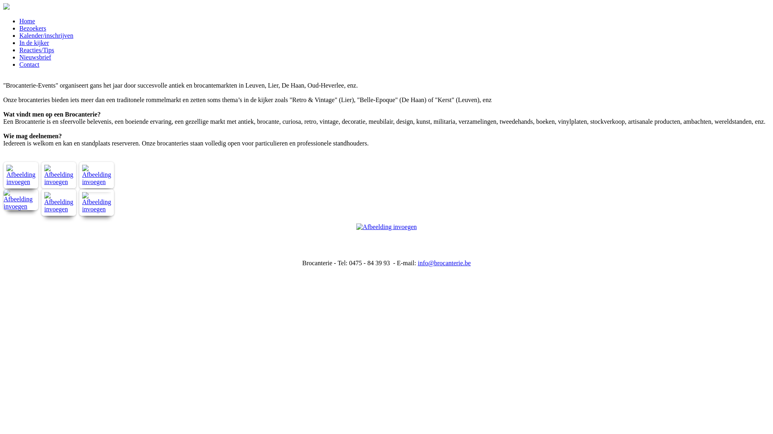 The width and height of the screenshot is (773, 434). I want to click on 'Afbeelding invoegen', so click(97, 209).